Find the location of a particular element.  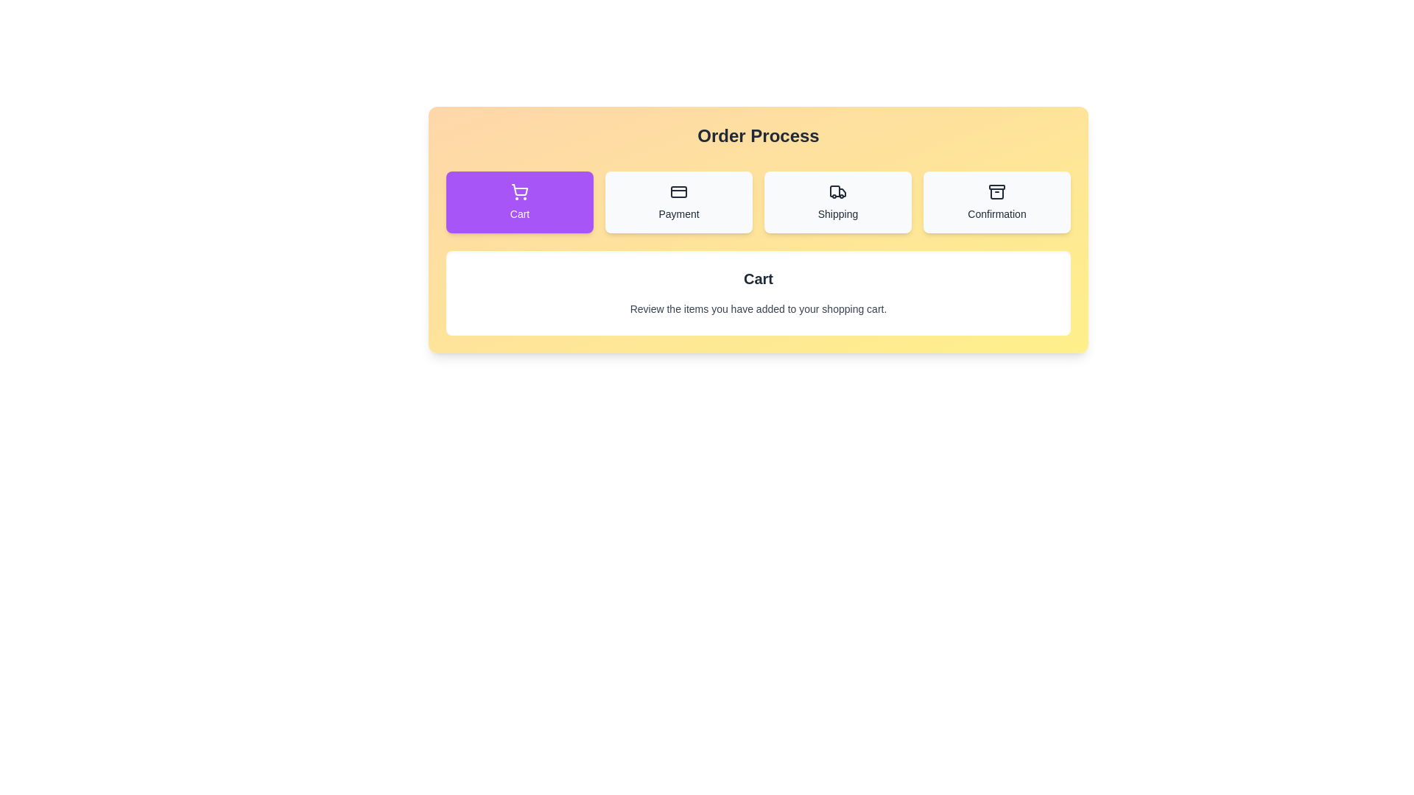

the 'Payment' button to view payment options is located at coordinates (678, 202).